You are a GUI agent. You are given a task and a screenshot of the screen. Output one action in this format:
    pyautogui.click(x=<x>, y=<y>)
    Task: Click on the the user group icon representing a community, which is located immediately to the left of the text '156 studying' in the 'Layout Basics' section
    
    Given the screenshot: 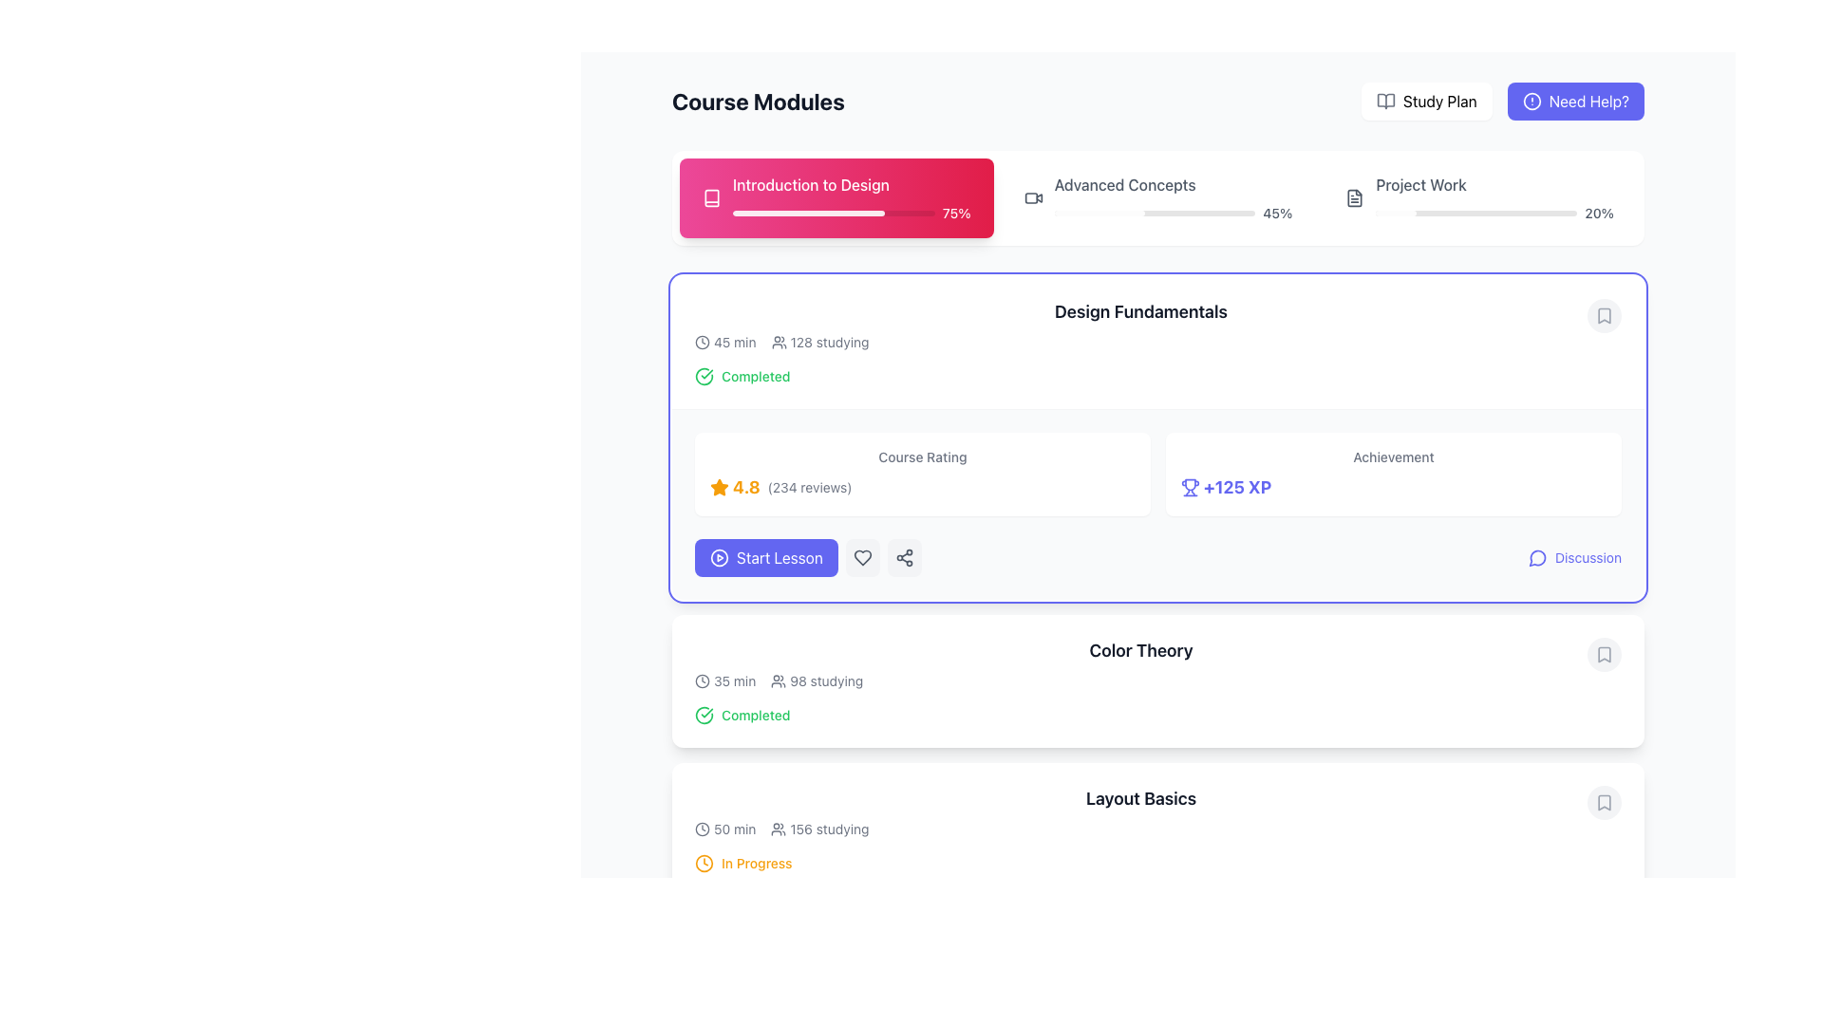 What is the action you would take?
    pyautogui.click(x=779, y=829)
    